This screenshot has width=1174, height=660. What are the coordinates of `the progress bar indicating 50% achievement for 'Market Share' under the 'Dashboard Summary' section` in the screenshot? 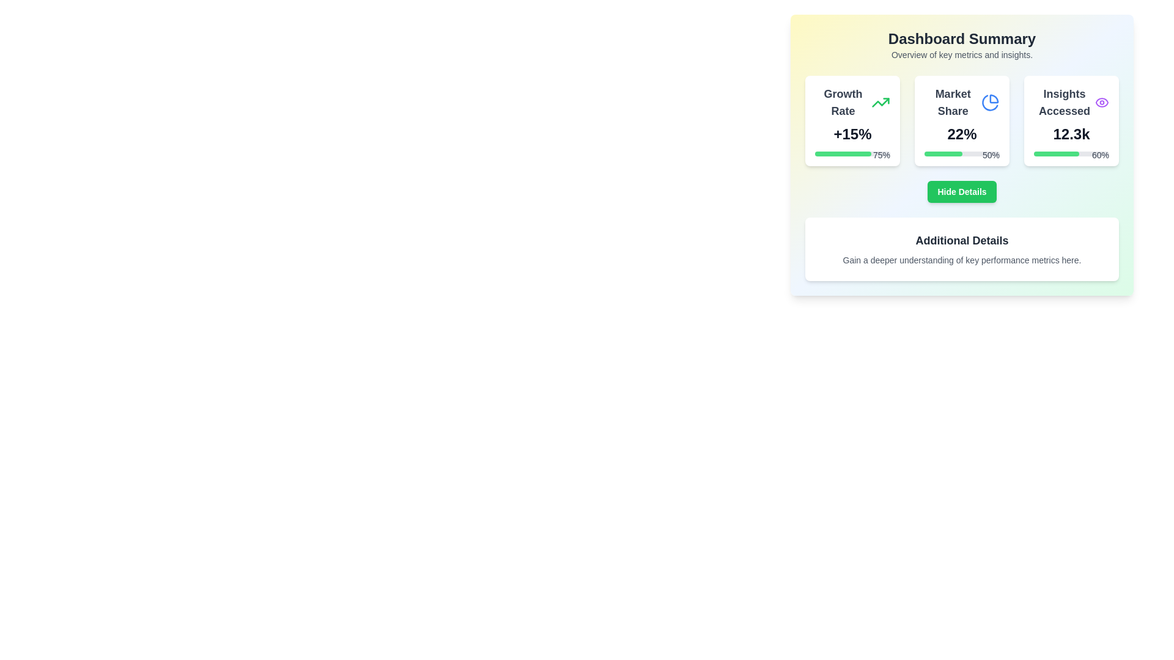 It's located at (942, 153).